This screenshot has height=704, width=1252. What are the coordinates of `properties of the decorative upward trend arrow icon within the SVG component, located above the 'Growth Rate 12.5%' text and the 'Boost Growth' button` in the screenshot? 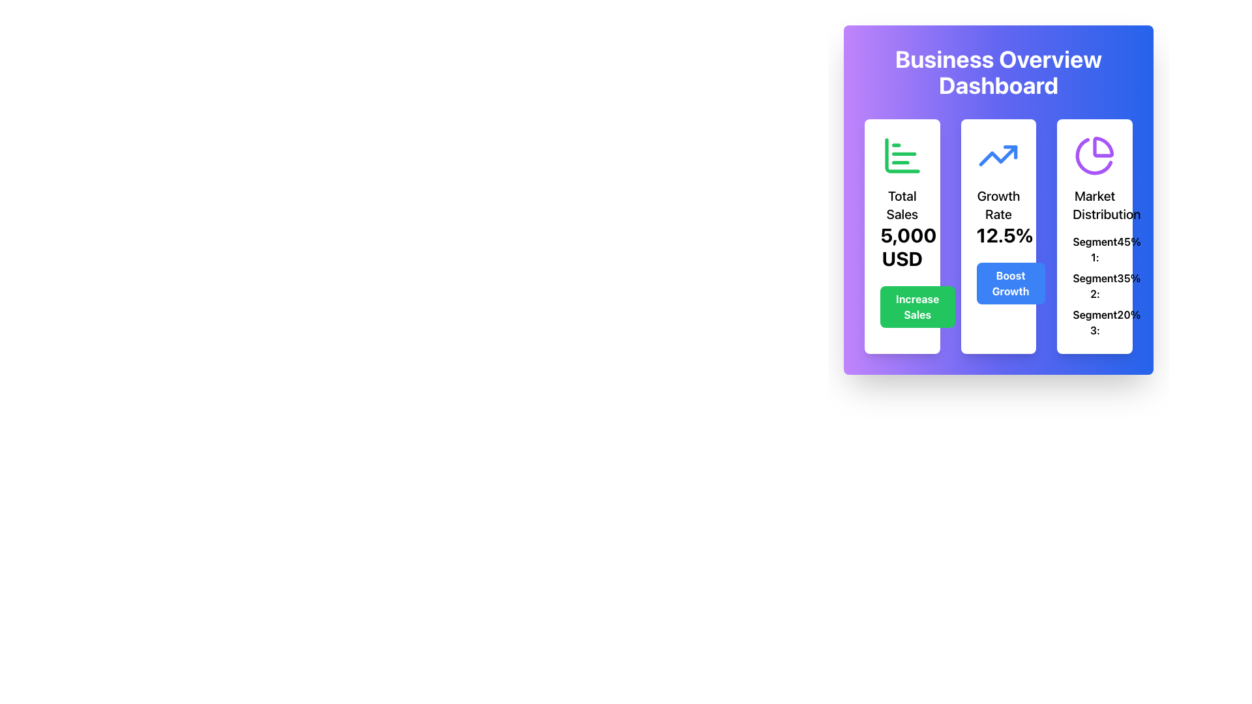 It's located at (1010, 151).